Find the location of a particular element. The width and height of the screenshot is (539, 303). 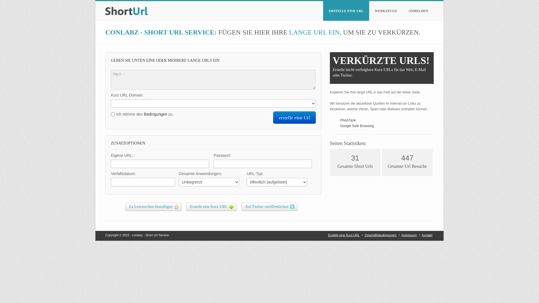

'Kontakt' is located at coordinates (427, 235).